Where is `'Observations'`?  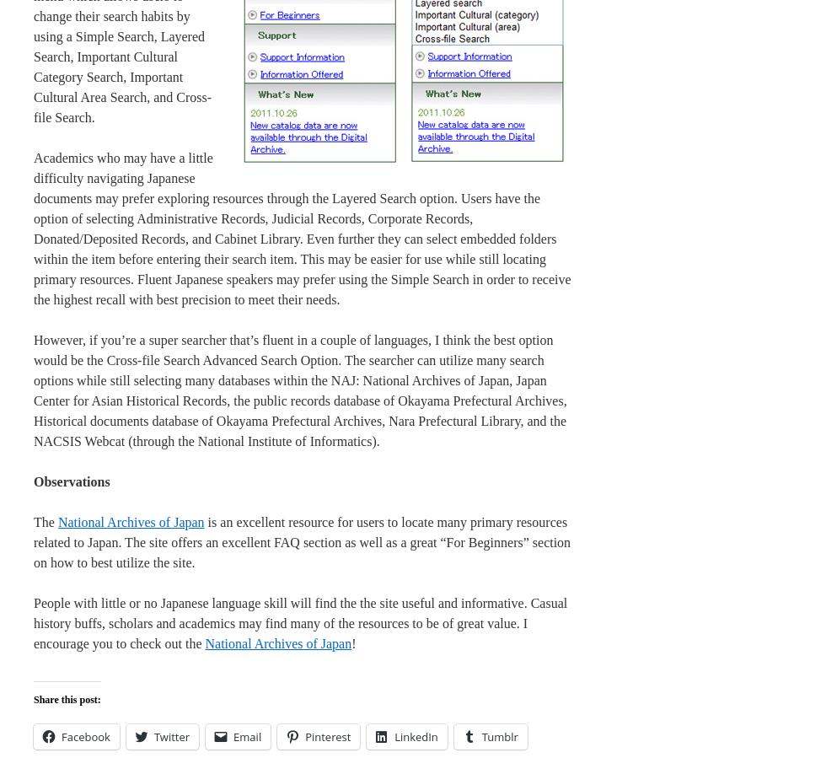 'Observations' is located at coordinates (71, 481).